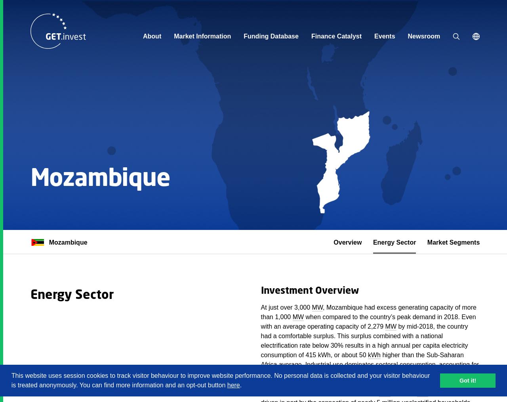 The width and height of the screenshot is (507, 402). Describe the element at coordinates (468, 380) in the screenshot. I see `'Got it!'` at that location.